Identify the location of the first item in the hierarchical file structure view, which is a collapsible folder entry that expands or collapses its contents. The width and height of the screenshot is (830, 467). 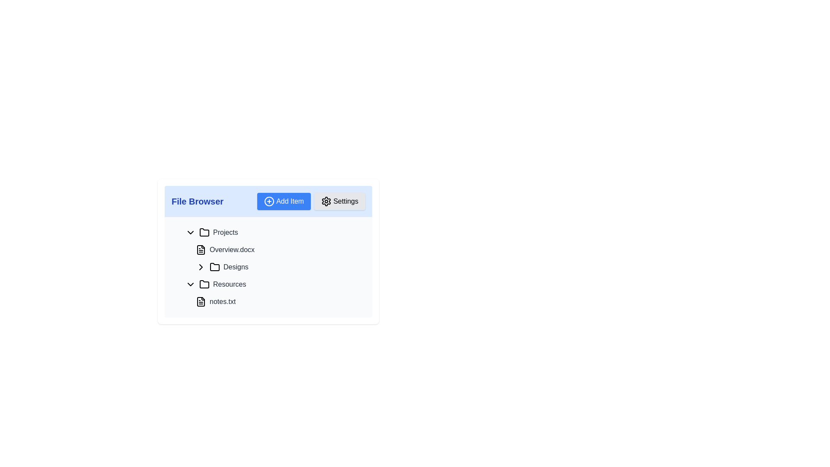
(273, 232).